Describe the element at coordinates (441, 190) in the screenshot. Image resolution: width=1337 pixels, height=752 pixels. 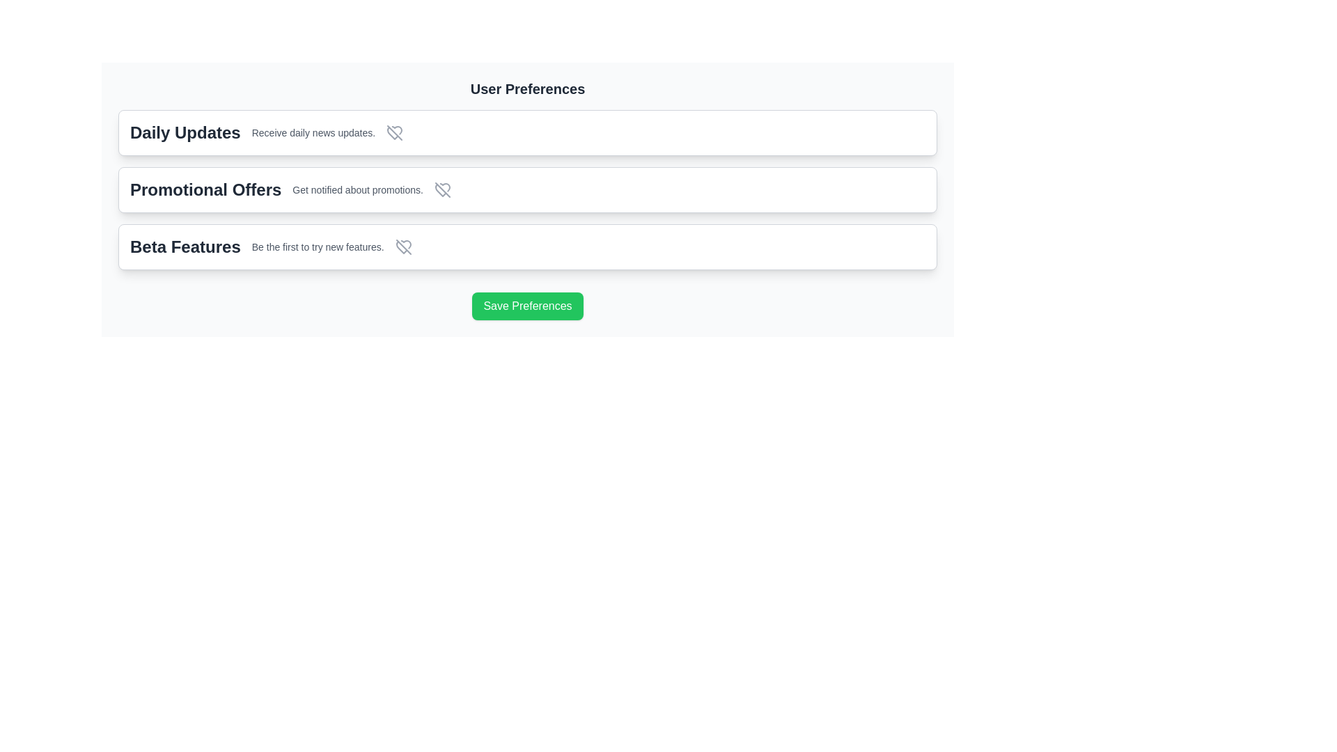
I see `the diagonal line of the 'heart-off' icon, which indicates an inactive state, located adjacent to 'Promotional Offers' in the user preference settings panel` at that location.